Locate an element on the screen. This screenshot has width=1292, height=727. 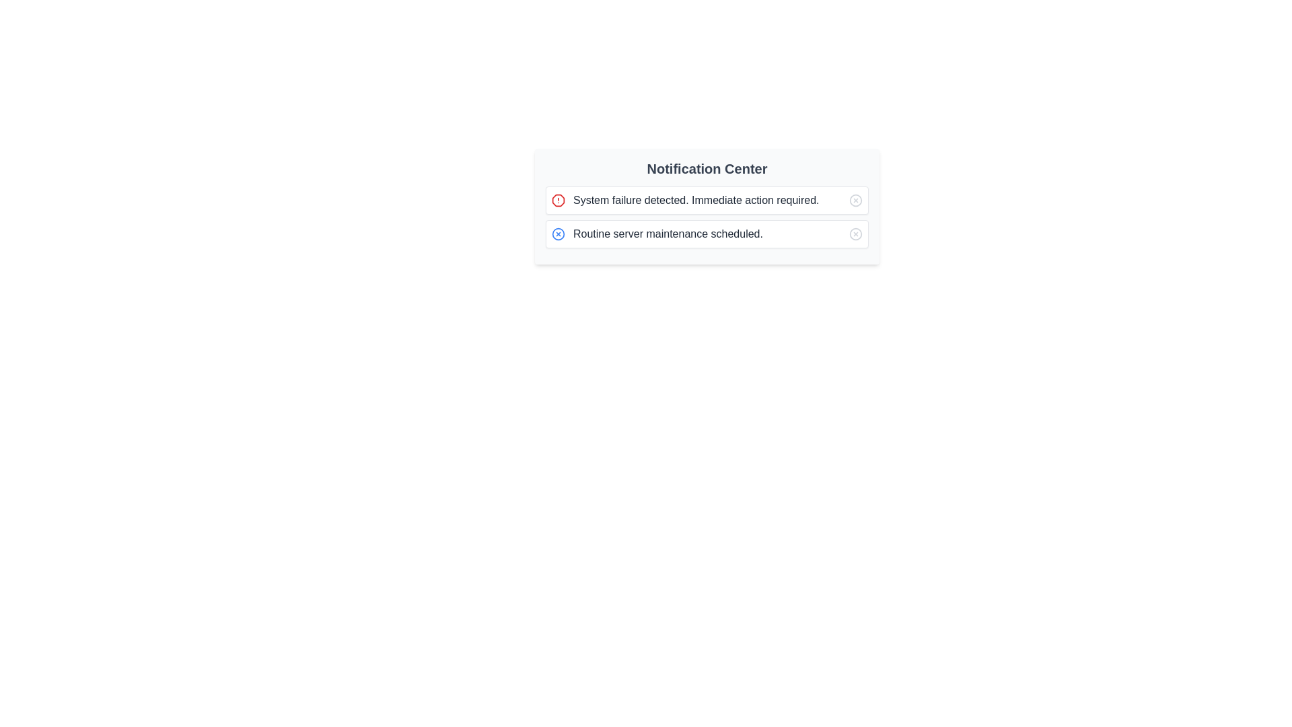
the critical notification by clicking the alert icon located to the left of the text 'System failure detected. Immediate action required.' is located at coordinates (559, 200).